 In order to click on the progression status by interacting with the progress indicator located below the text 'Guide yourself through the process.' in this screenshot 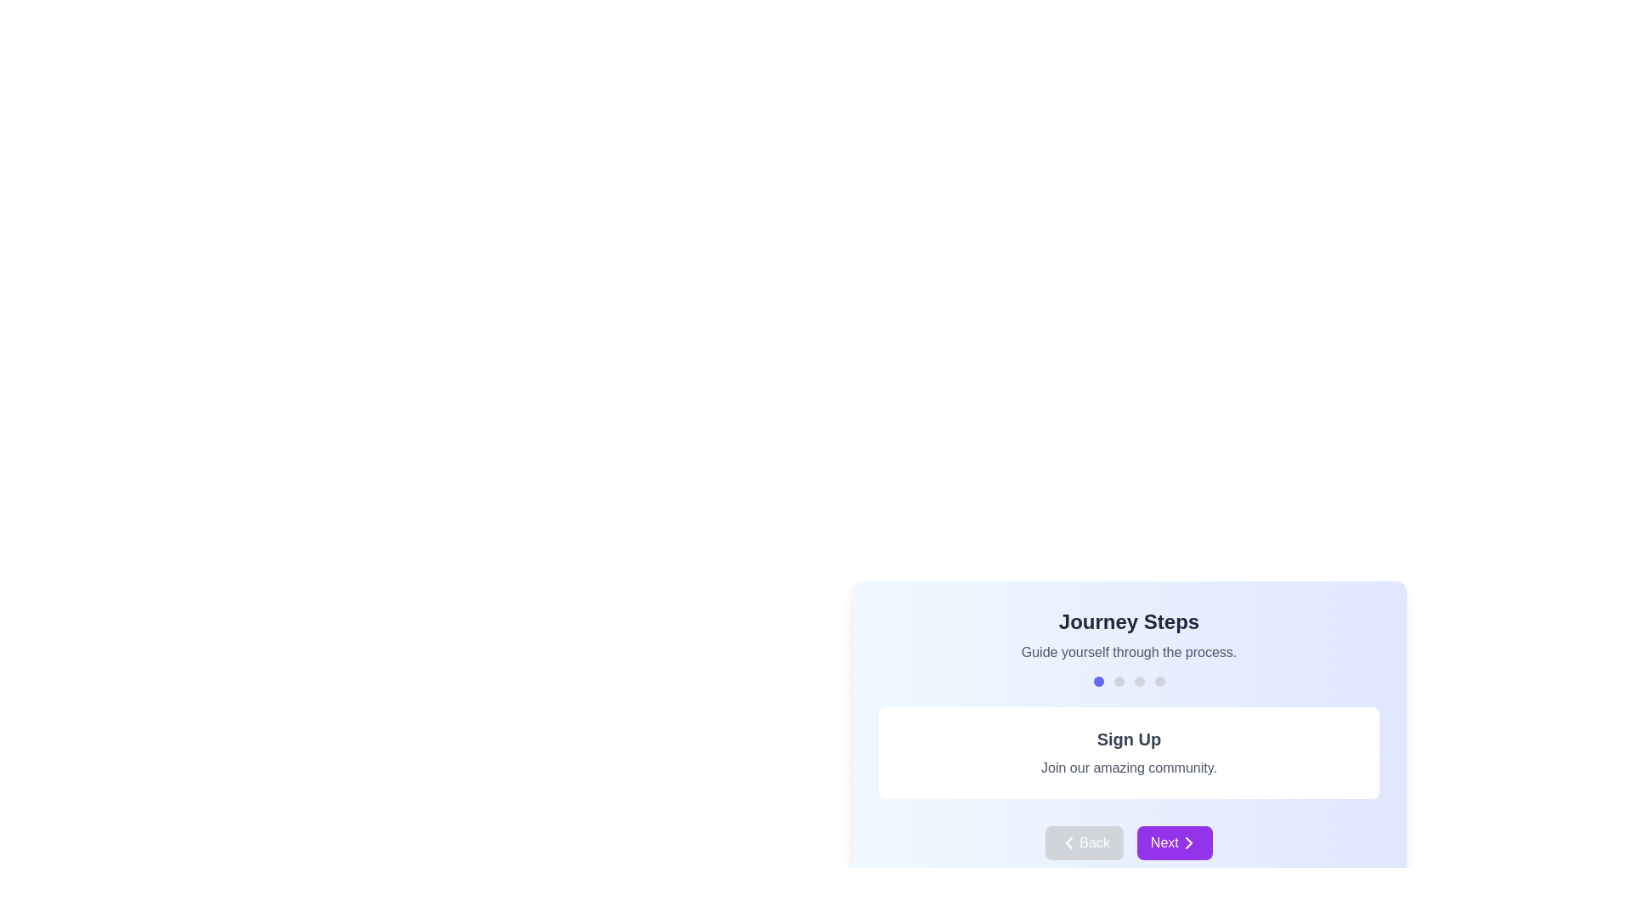, I will do `click(1129, 681)`.